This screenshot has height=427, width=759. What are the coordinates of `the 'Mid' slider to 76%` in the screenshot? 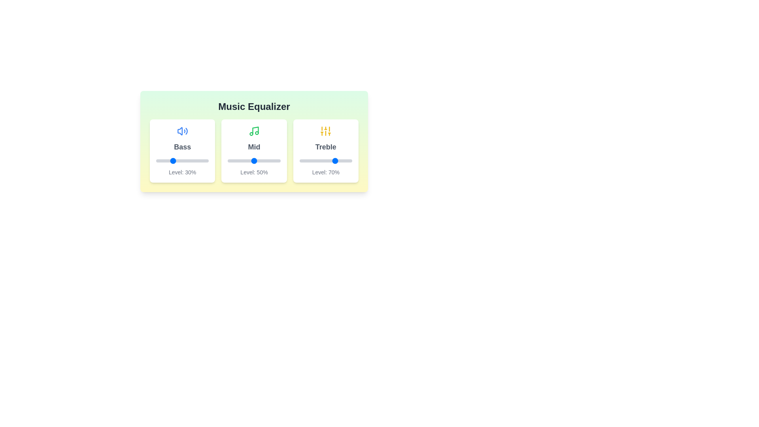 It's located at (268, 161).